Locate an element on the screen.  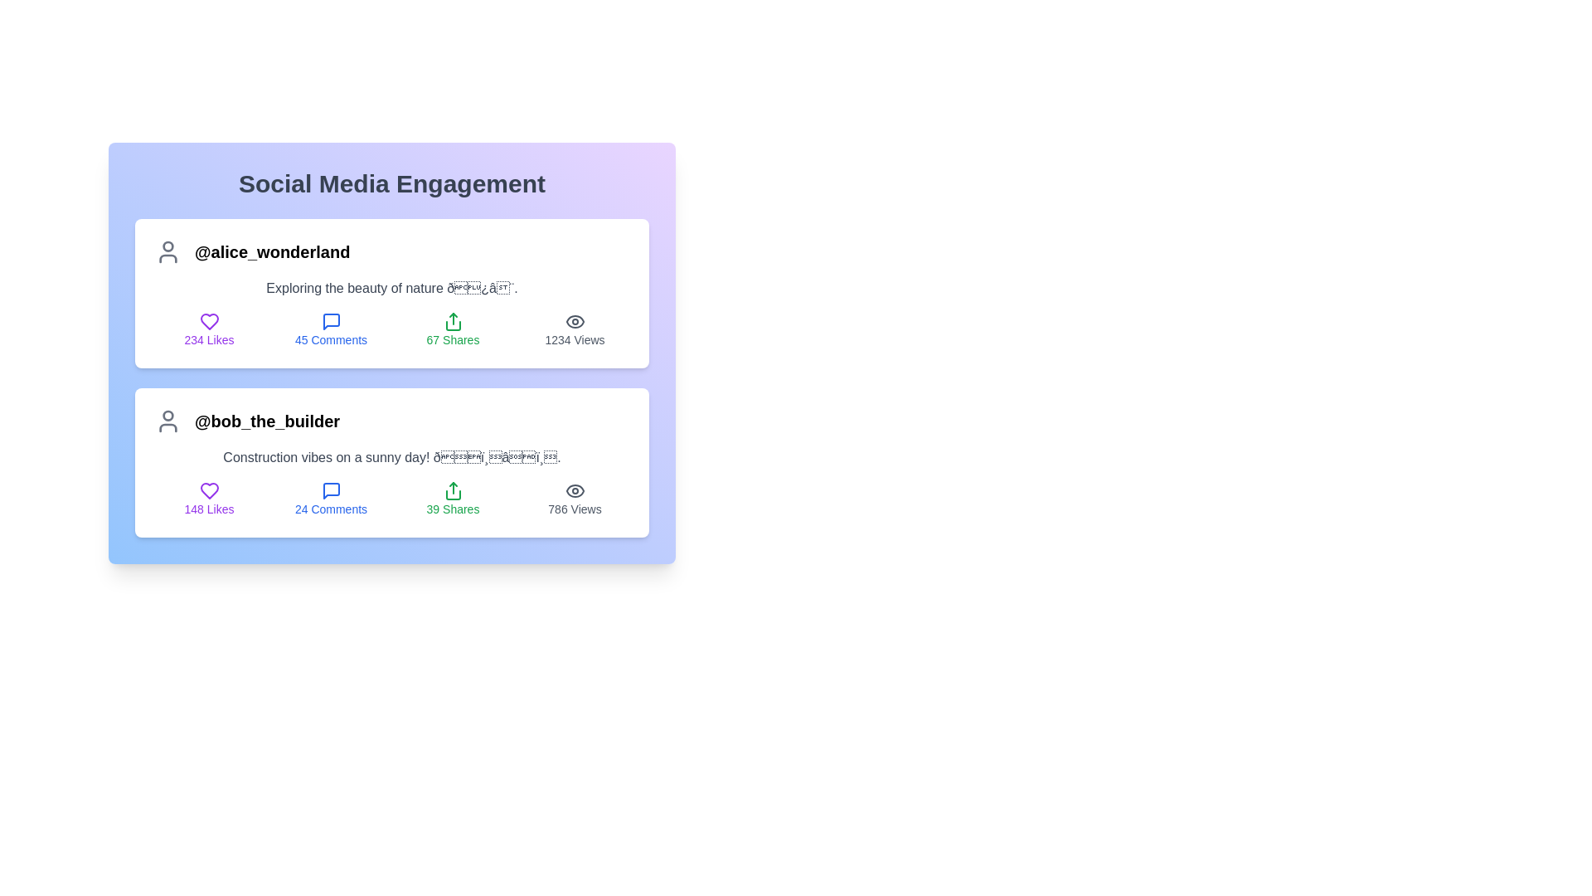
the share button located in the third position of the social interaction buttons grid under the 'Social Media Engagement' section for the user '@alice_wonderland' to share the associated post is located at coordinates (391, 352).